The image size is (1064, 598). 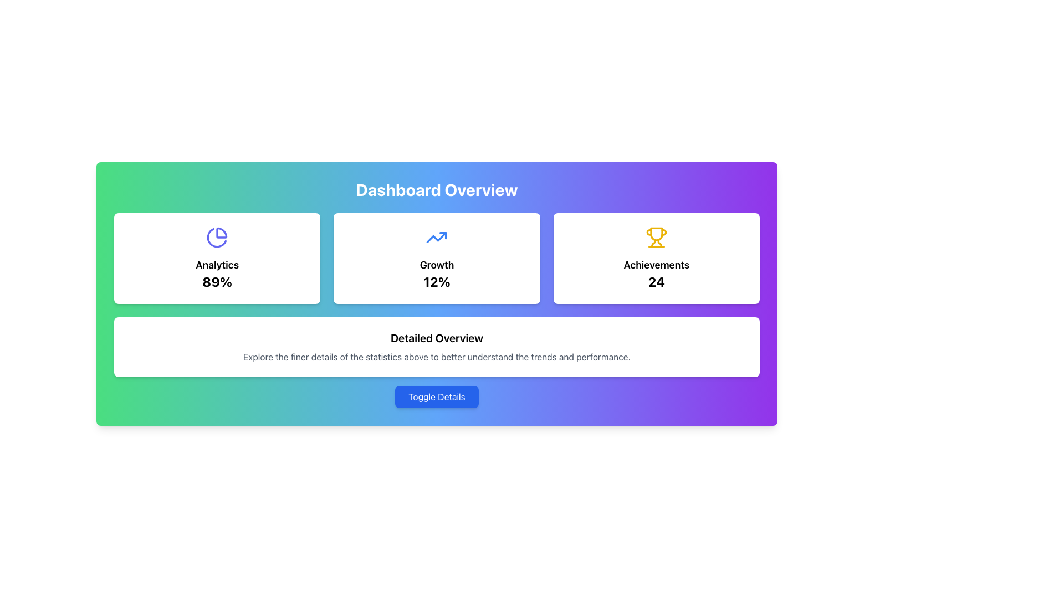 What do you see at coordinates (656, 258) in the screenshot?
I see `the third achievements card in the horizontally arranged set` at bounding box center [656, 258].